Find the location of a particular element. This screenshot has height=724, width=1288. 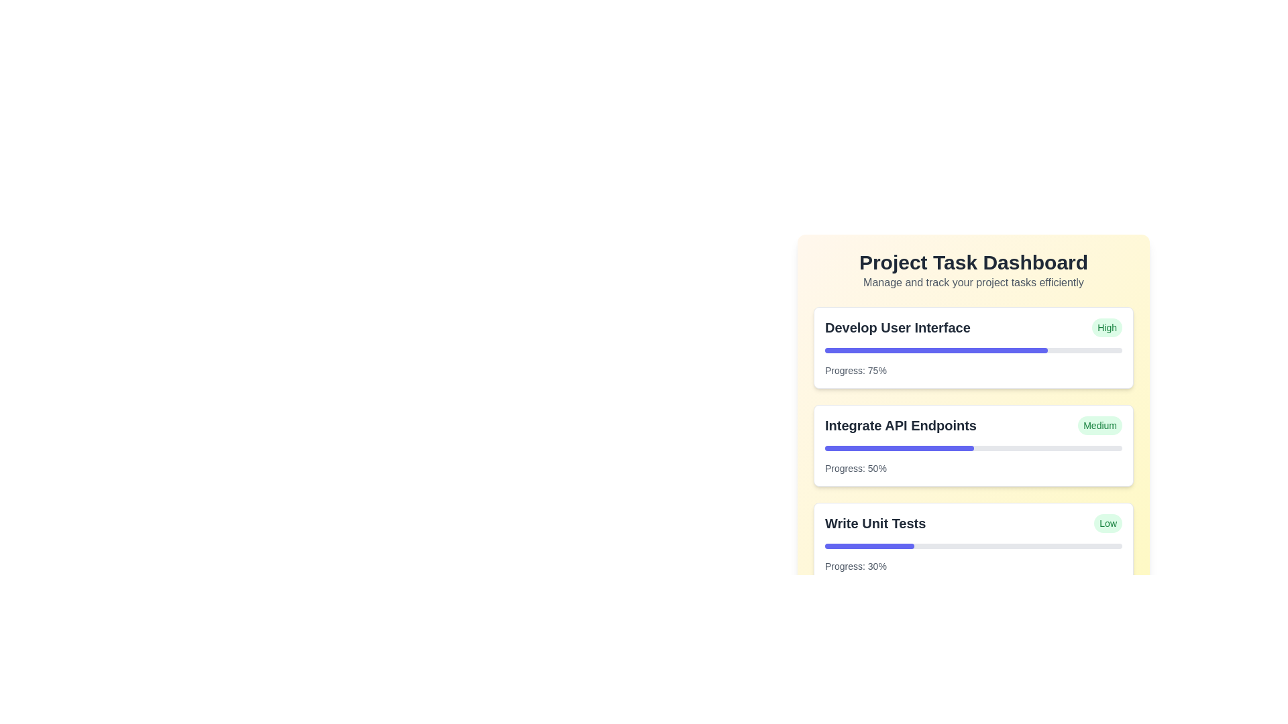

the text label indicating the percentage of progress completed for the 'Write Unit Tests' task, located in the bottom-most card of the dashboard layout is located at coordinates (855, 566).